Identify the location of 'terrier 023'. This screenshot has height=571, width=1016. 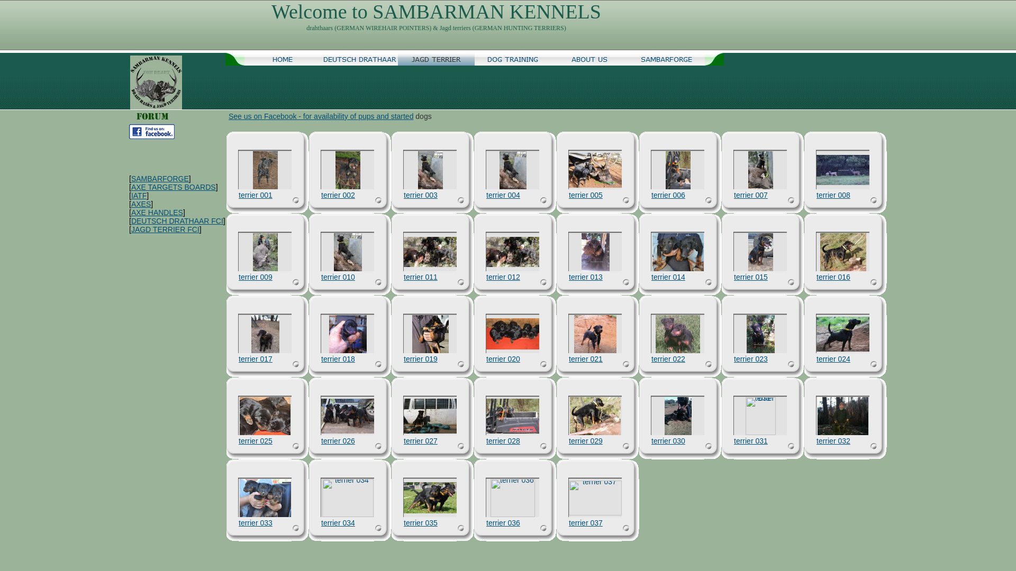
(746, 334).